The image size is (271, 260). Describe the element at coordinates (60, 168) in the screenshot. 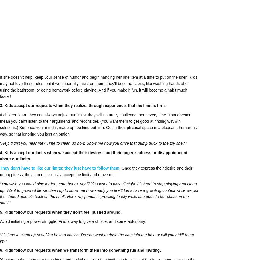

I see `'They don’t have to like our limits; they just have to follow them'` at that location.